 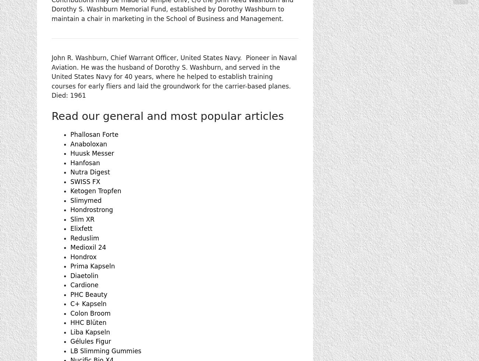 I want to click on 'Anaboloxan', so click(x=88, y=144).